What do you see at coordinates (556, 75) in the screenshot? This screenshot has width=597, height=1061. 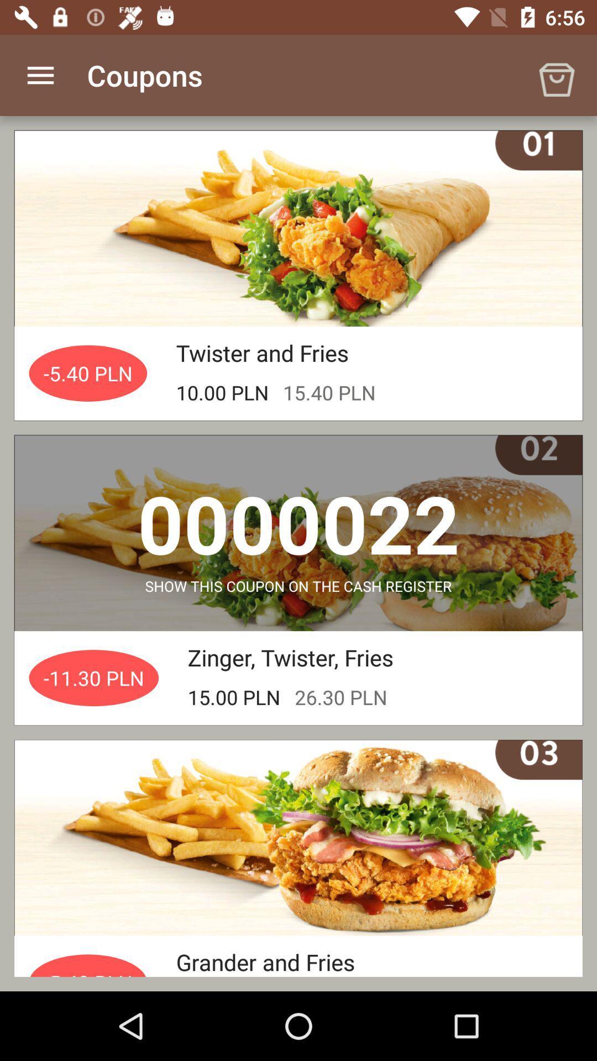 I see `the item to the right of the coupons app` at bounding box center [556, 75].